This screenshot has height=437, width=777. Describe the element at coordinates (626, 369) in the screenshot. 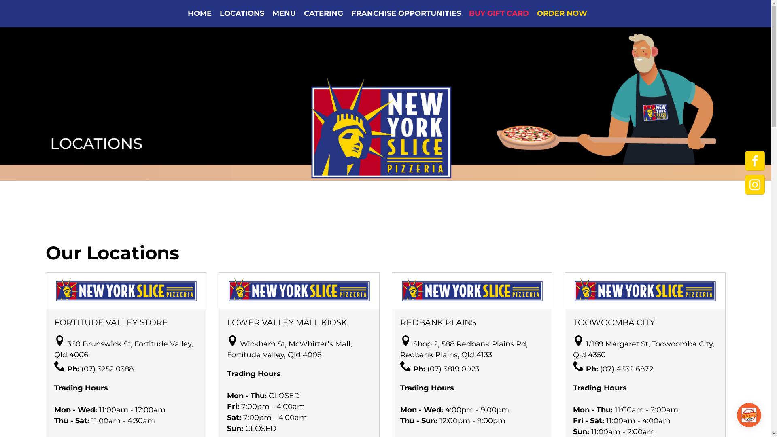

I see `'(07) 4632 6872'` at that location.